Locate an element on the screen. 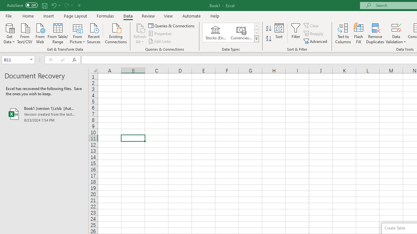  'Name Box' is located at coordinates (18, 59).